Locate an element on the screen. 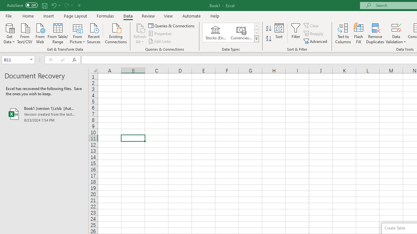  'Name Box' is located at coordinates (18, 59).